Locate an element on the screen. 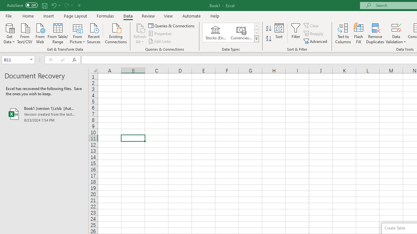  'Name Box' is located at coordinates (18, 59).